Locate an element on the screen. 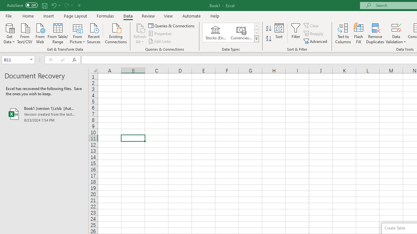  'Name Box' is located at coordinates (18, 59).